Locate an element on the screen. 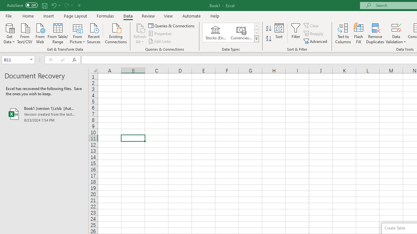  'Name Box' is located at coordinates (18, 59).